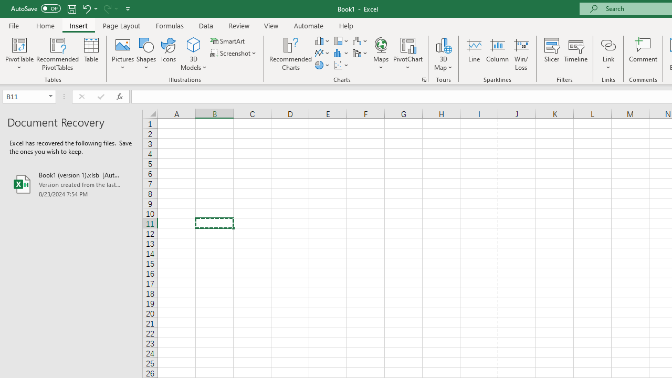  I want to click on 'Pictures', so click(123, 54).